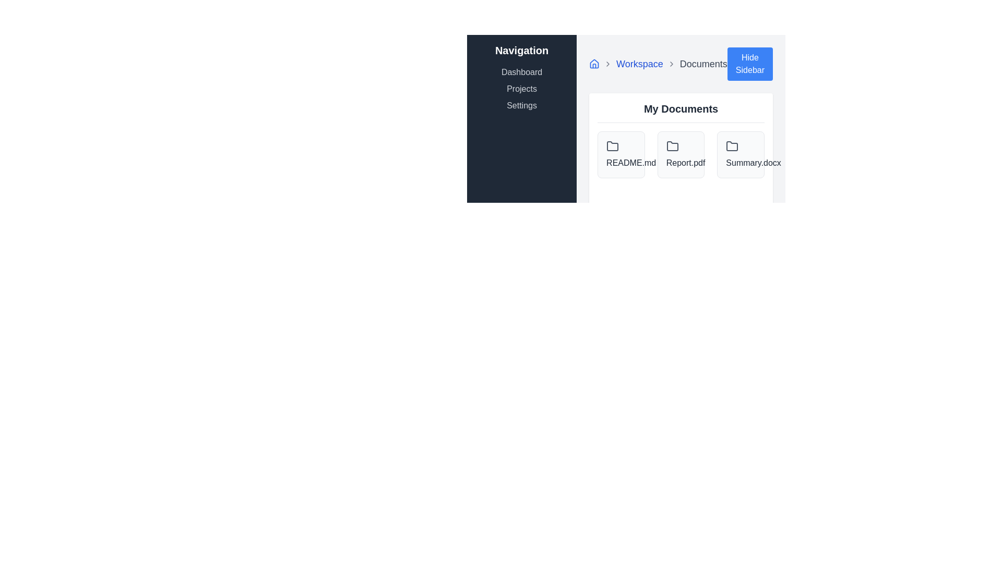 This screenshot has height=563, width=1002. Describe the element at coordinates (621, 155) in the screenshot. I see `the clickable card labeled 'README.md', which has a folder icon at the top and is positioned in the first column of the 'My Documents' grid` at that location.